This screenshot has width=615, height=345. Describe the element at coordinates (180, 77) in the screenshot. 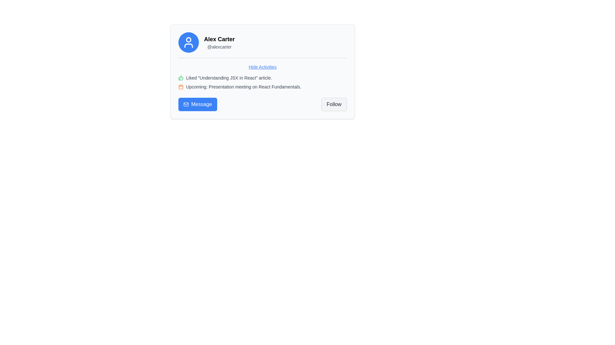

I see `the green 'thumbs-up' icon located next to the text 'Liked Understanding JSX in React article' in the activity section of the user profile` at that location.